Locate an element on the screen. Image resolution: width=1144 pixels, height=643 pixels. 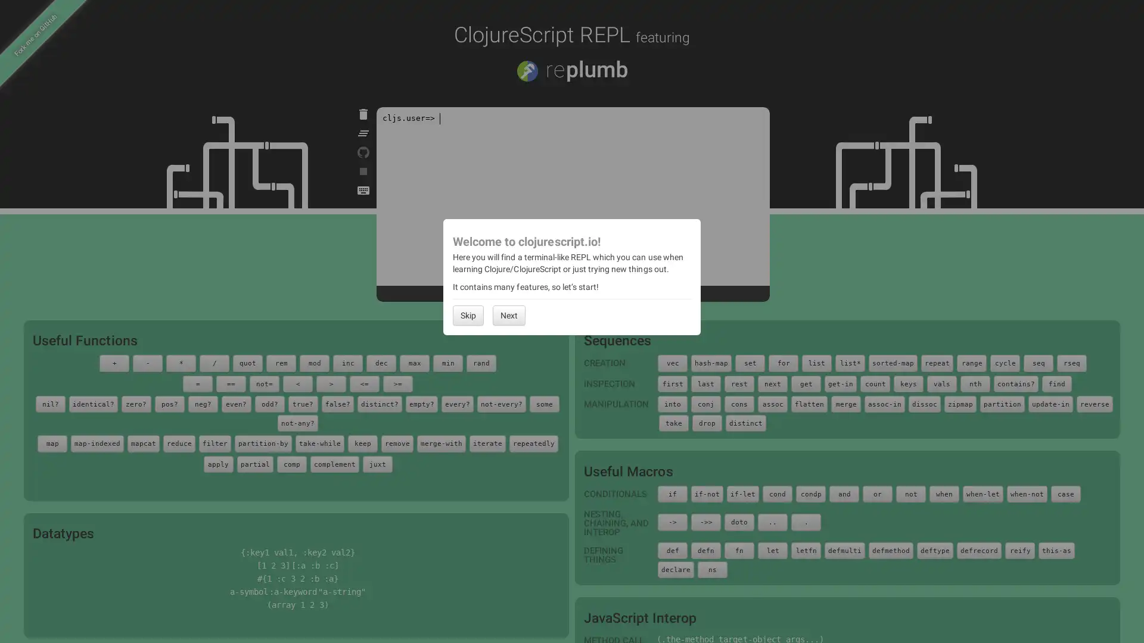
keys is located at coordinates (908, 383).